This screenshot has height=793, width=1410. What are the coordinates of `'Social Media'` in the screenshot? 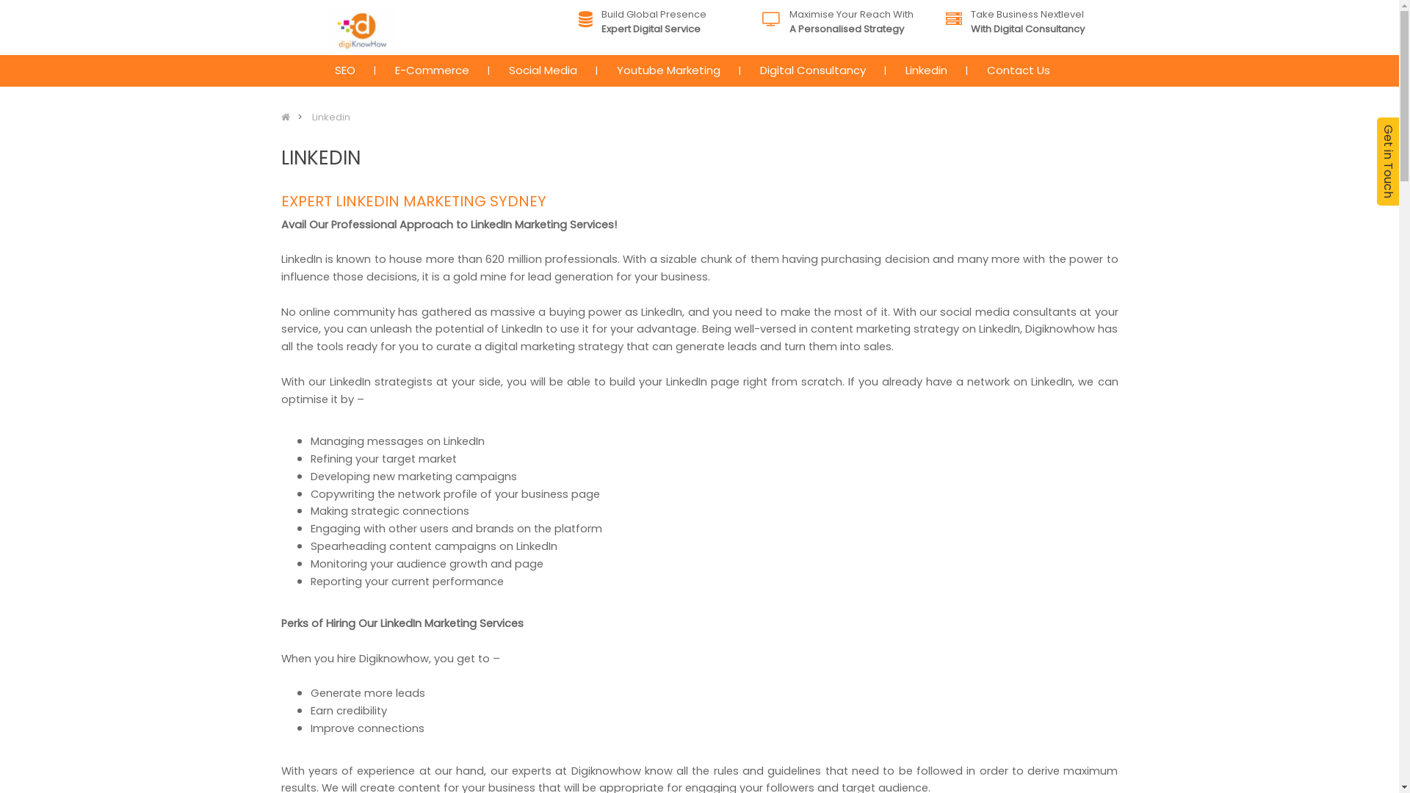 It's located at (497, 70).